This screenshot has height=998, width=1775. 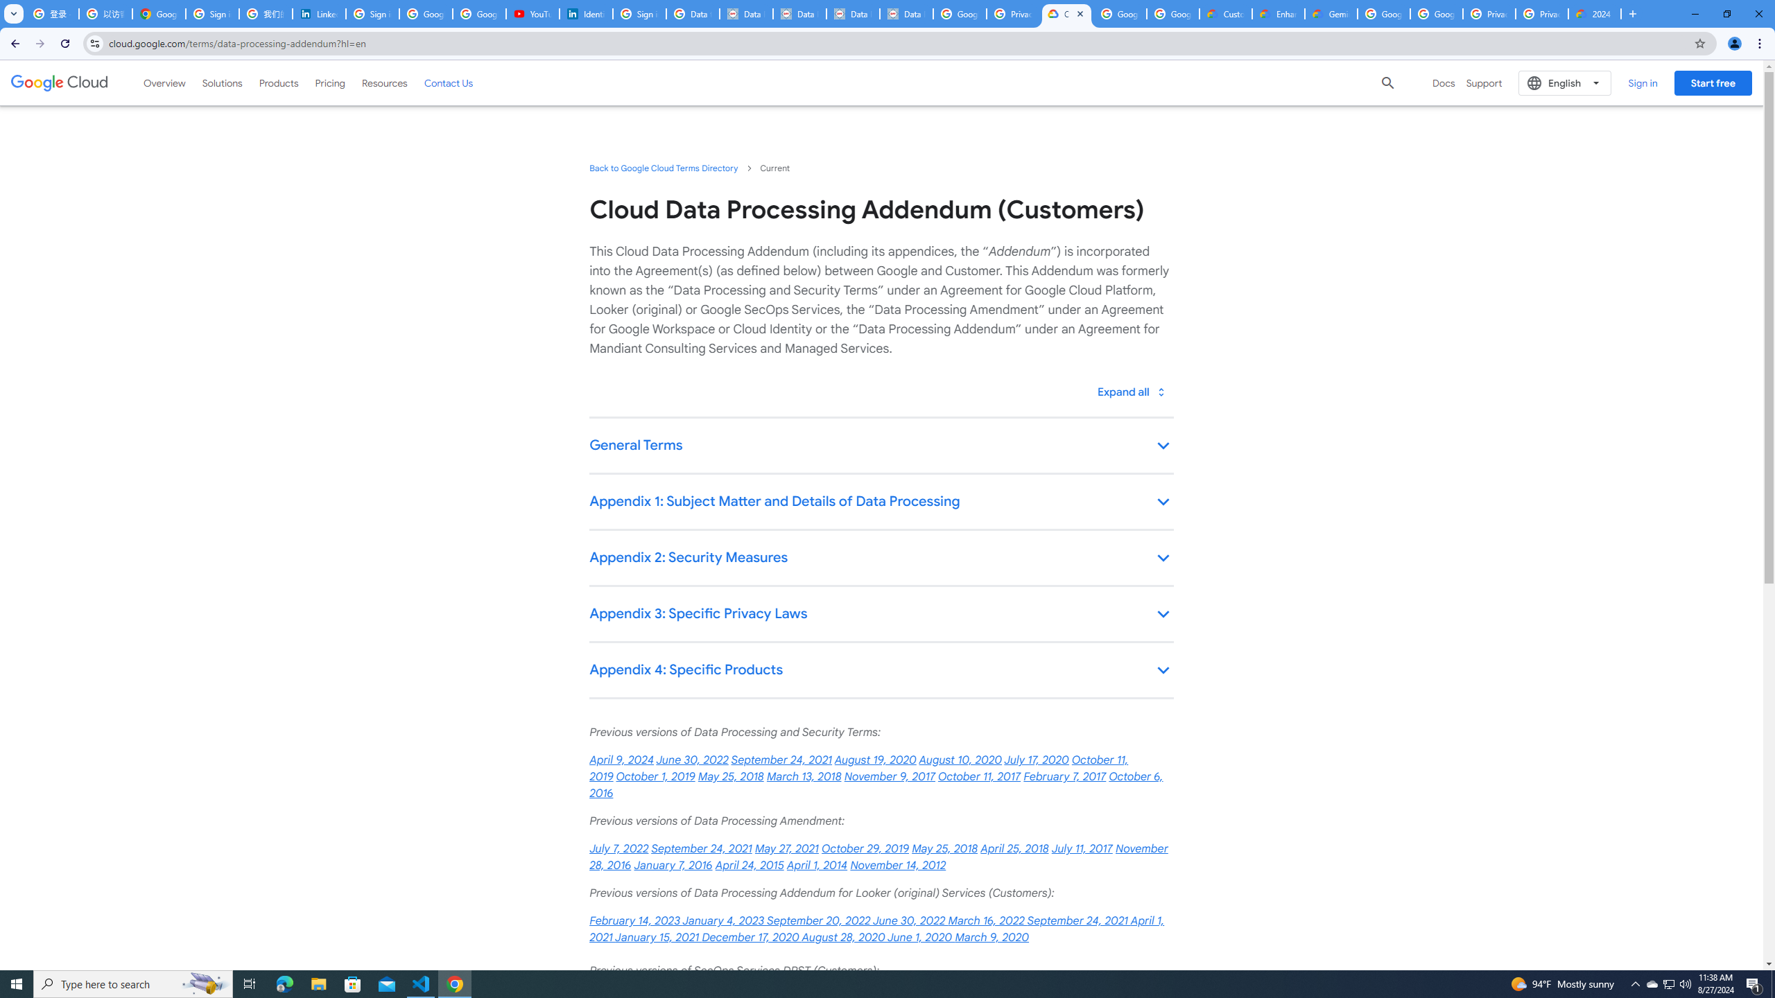 What do you see at coordinates (1713, 82) in the screenshot?
I see `'Start free'` at bounding box center [1713, 82].